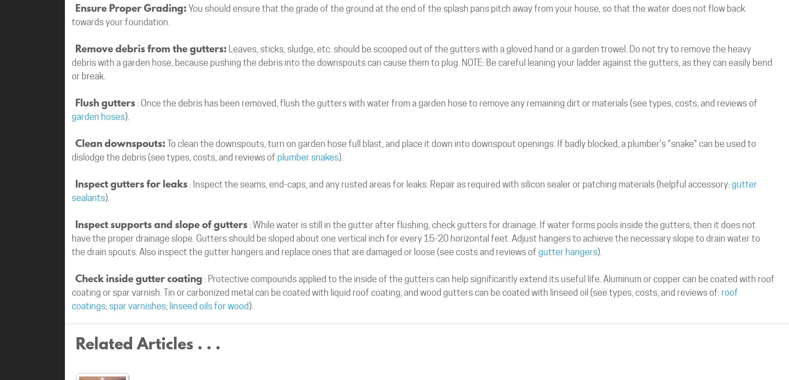 This screenshot has width=789, height=380. What do you see at coordinates (131, 183) in the screenshot?
I see `'Inspect gutters for leaks'` at bounding box center [131, 183].